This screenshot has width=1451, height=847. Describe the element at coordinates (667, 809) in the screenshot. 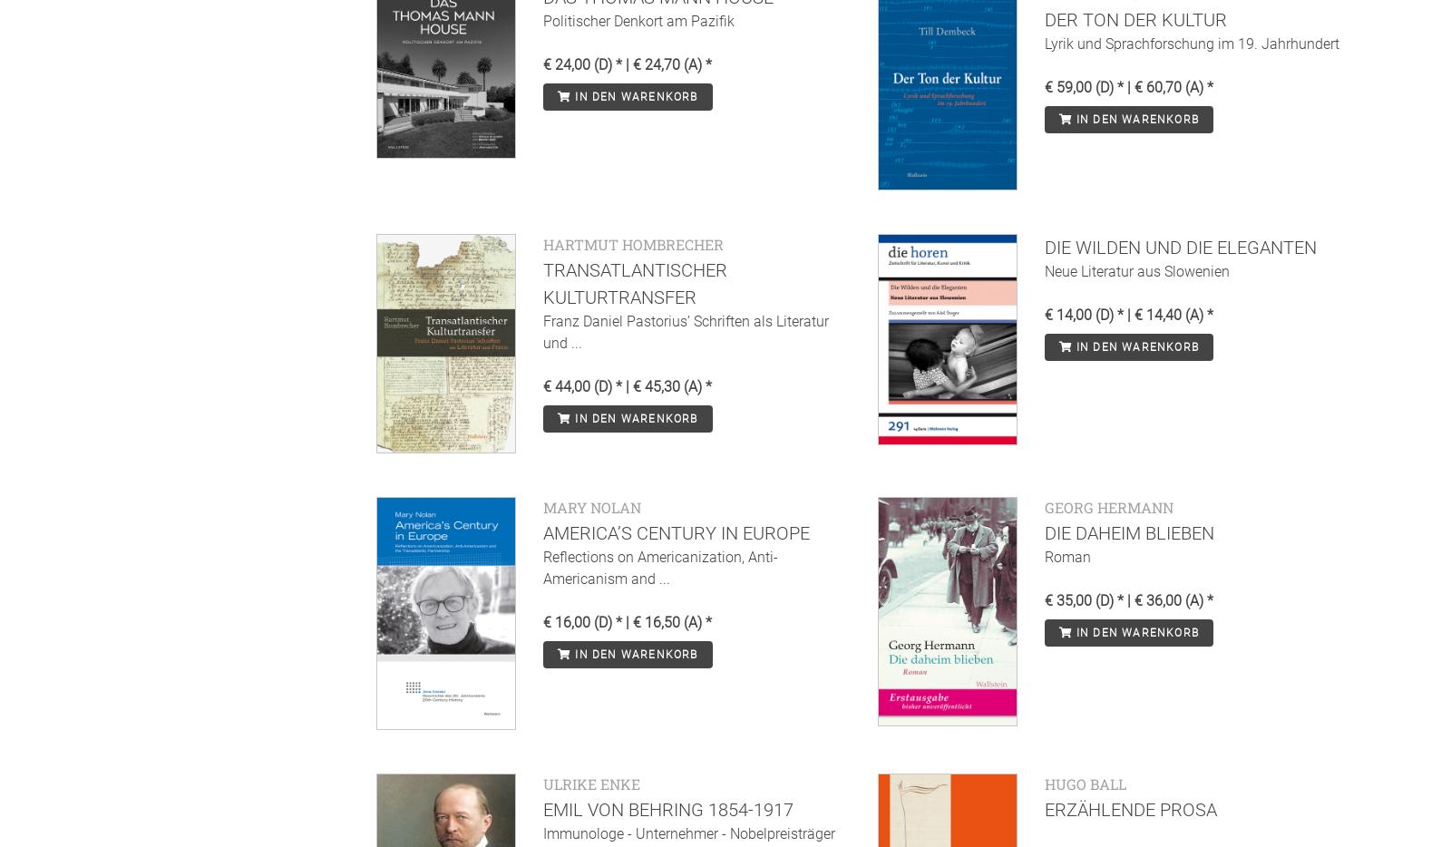

I see `'Emil von Behring 1854-1917'` at that location.